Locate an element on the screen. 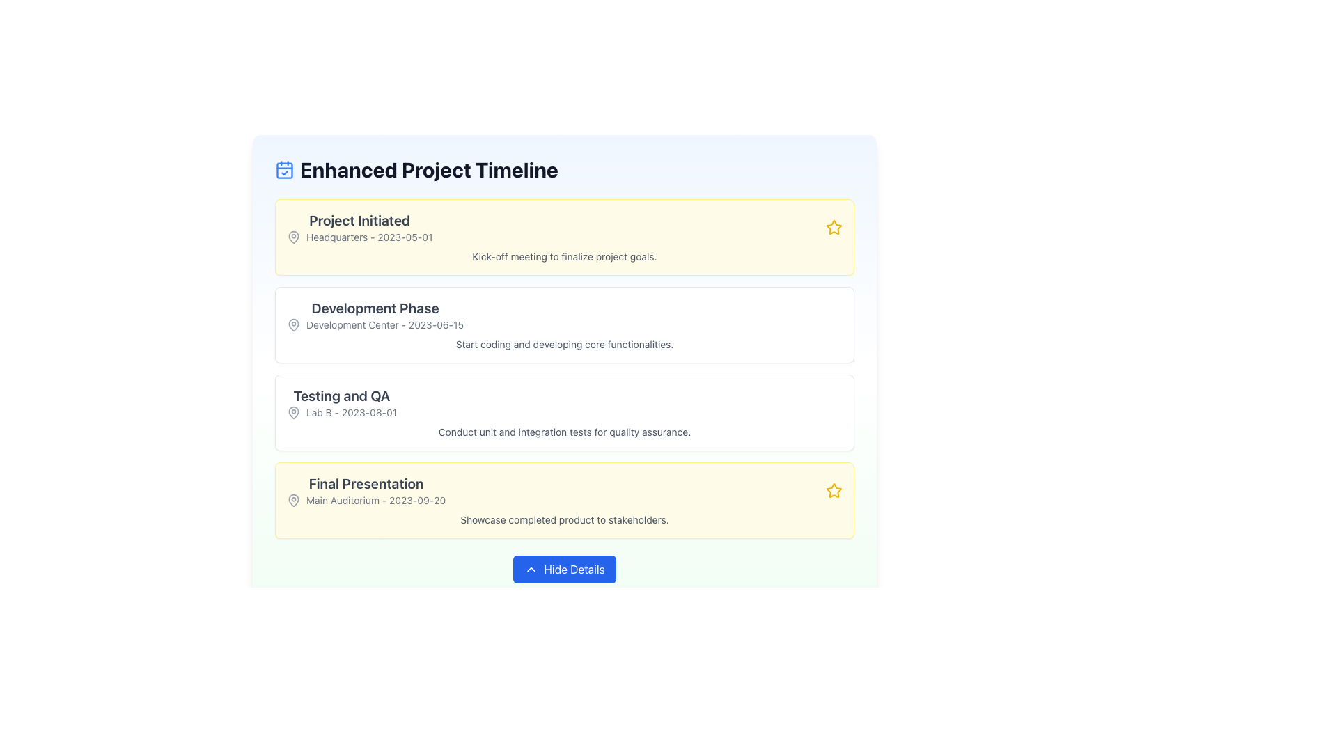 This screenshot has width=1337, height=752. text label that serves as the title for the associated timeline phase, located at the center of the first content element in the second card of the project timeline is located at coordinates (375, 308).